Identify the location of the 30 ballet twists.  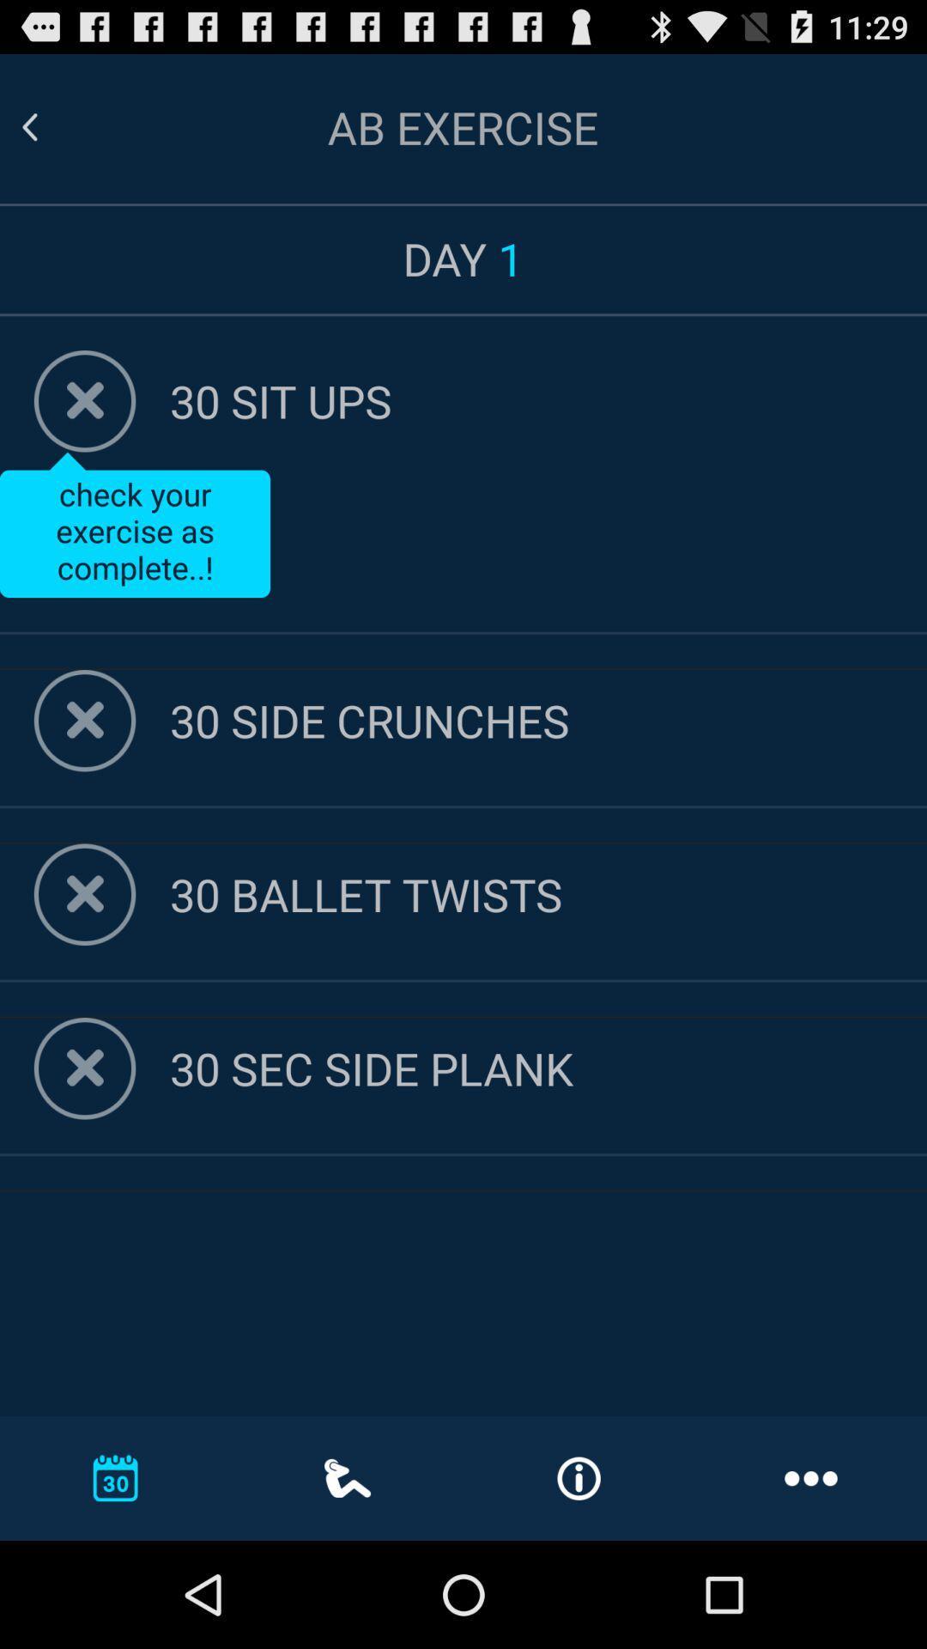
(548, 893).